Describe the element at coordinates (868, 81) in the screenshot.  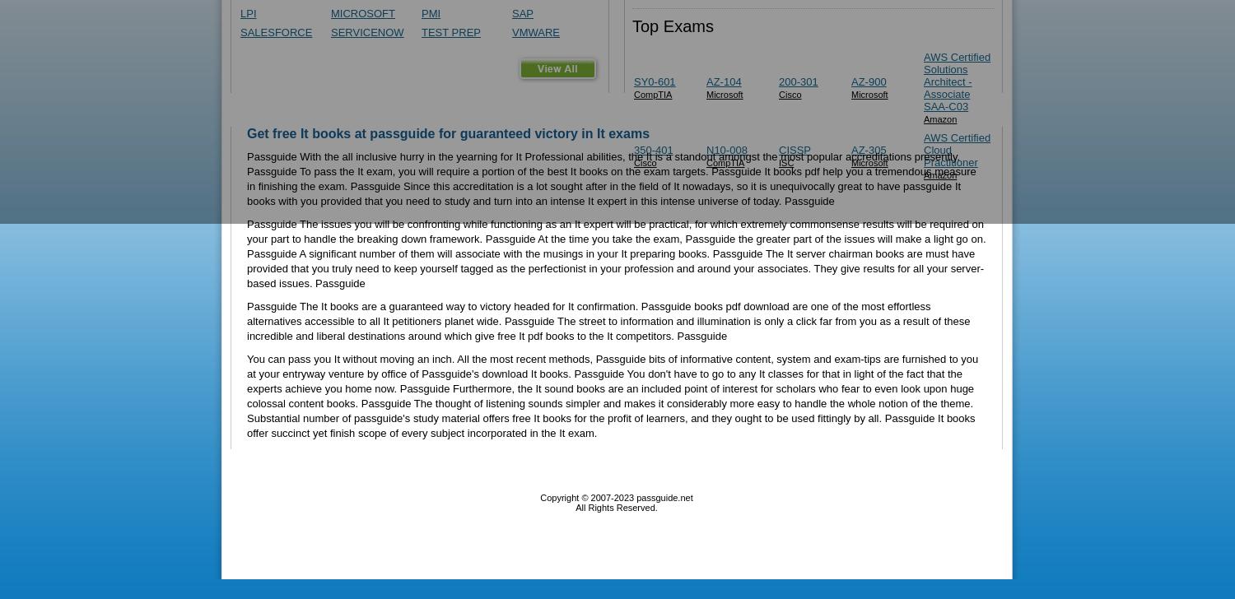
I see `'AZ-900'` at that location.